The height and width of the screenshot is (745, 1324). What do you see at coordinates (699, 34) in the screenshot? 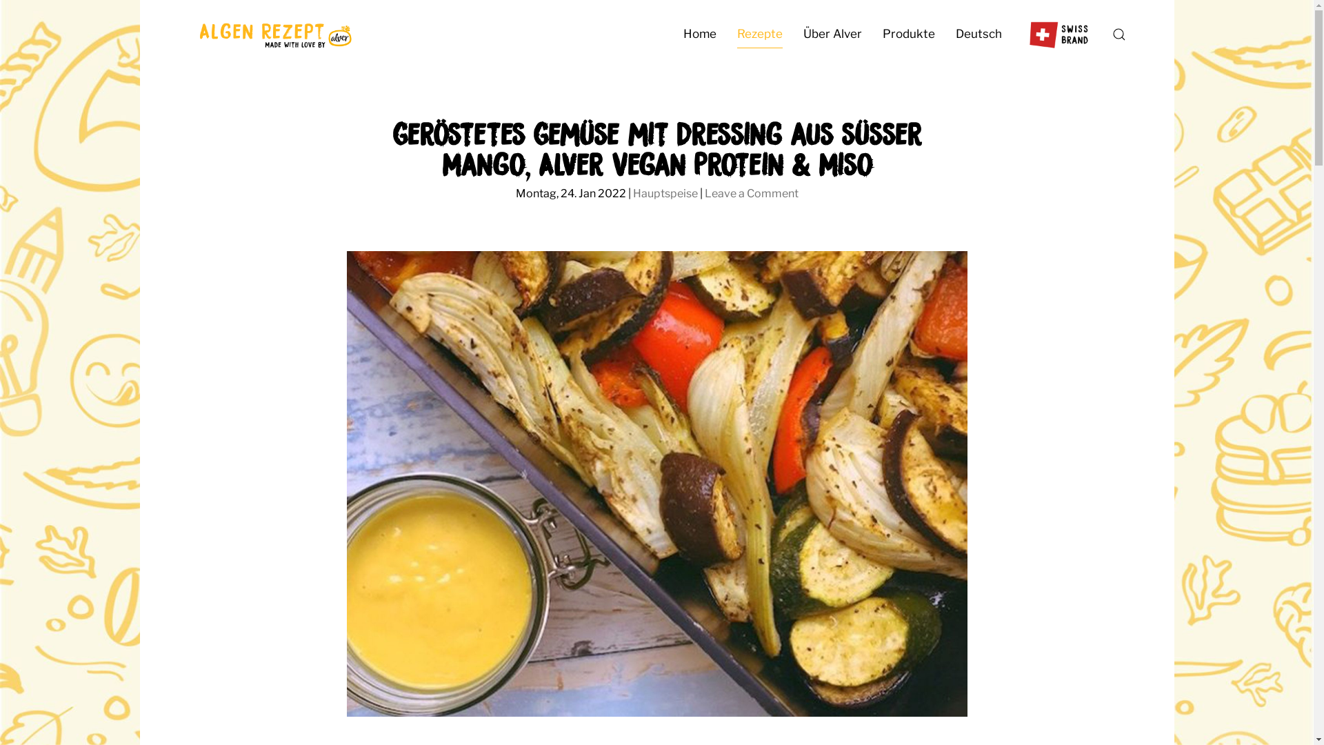
I see `'Home'` at bounding box center [699, 34].